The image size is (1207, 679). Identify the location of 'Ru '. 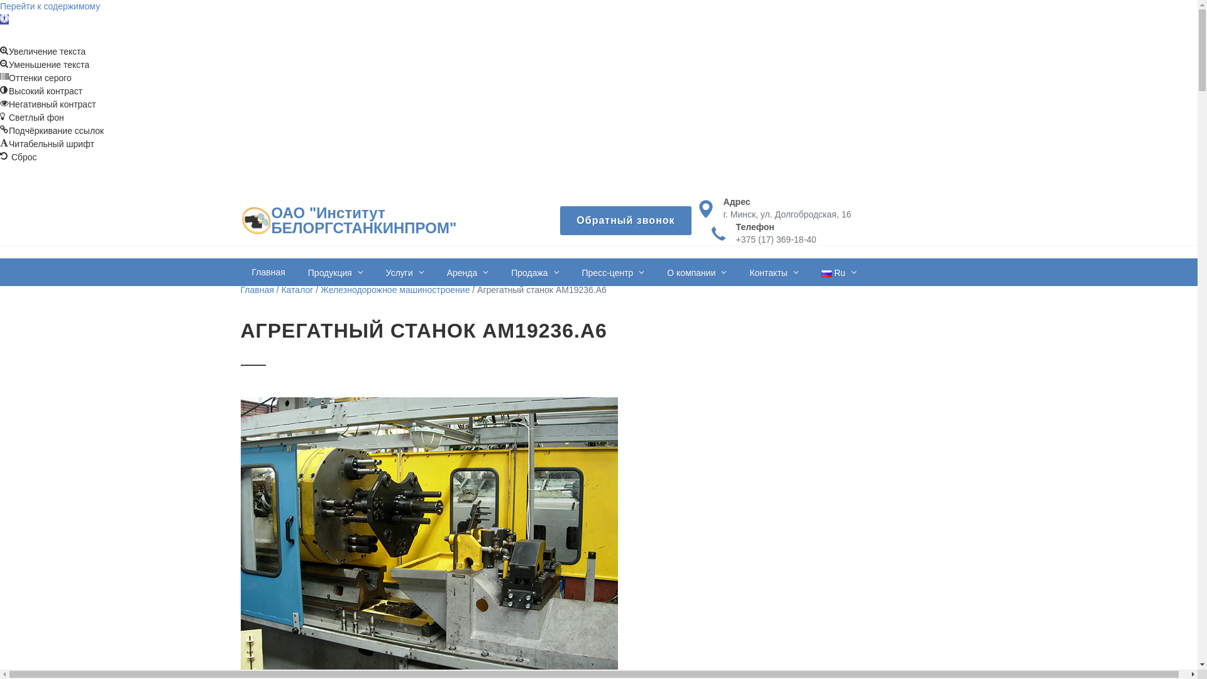
(839, 271).